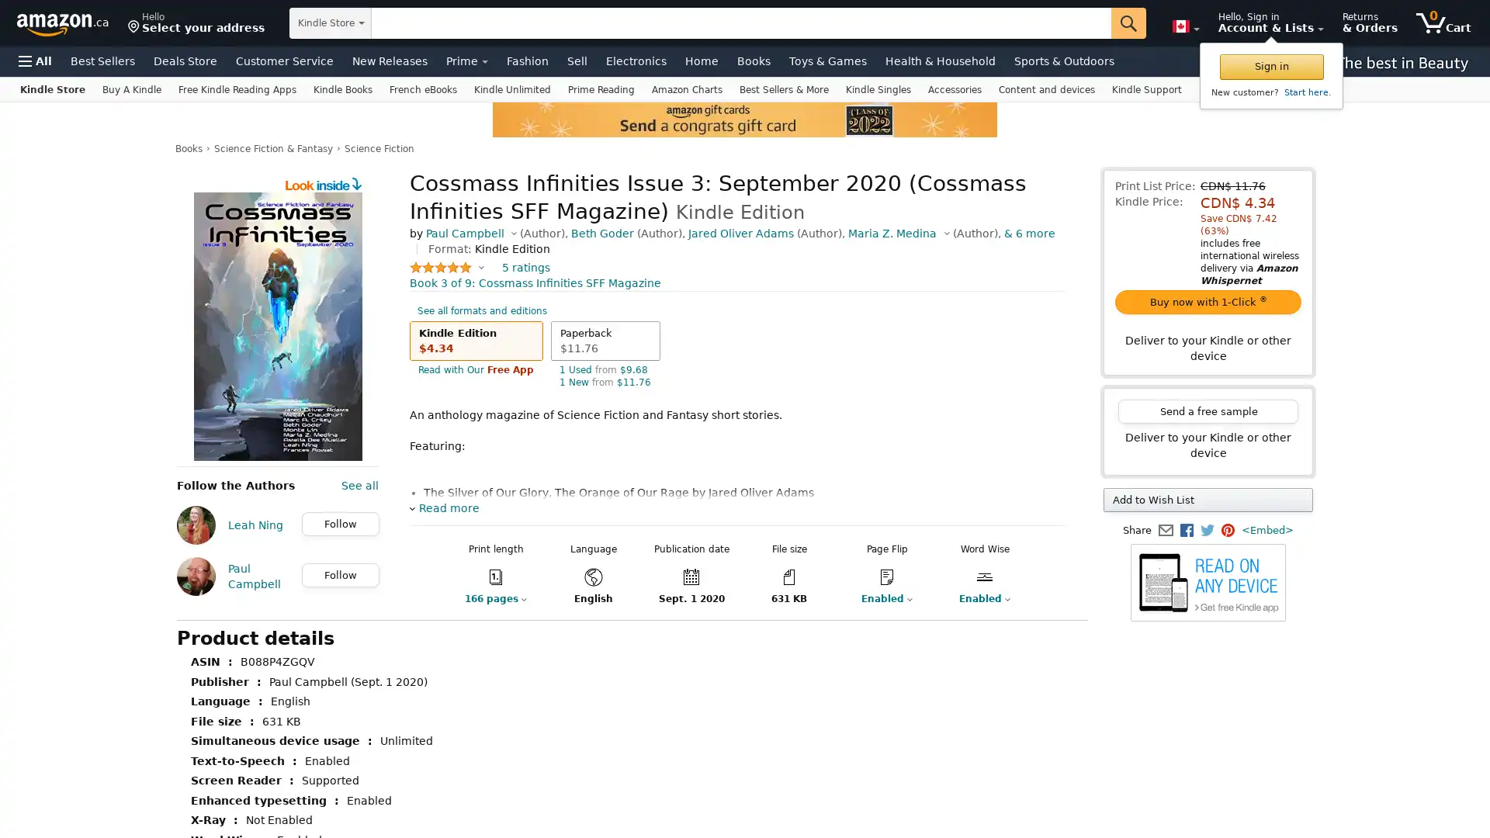 The width and height of the screenshot is (1490, 838). Describe the element at coordinates (35, 60) in the screenshot. I see `Open Menu` at that location.